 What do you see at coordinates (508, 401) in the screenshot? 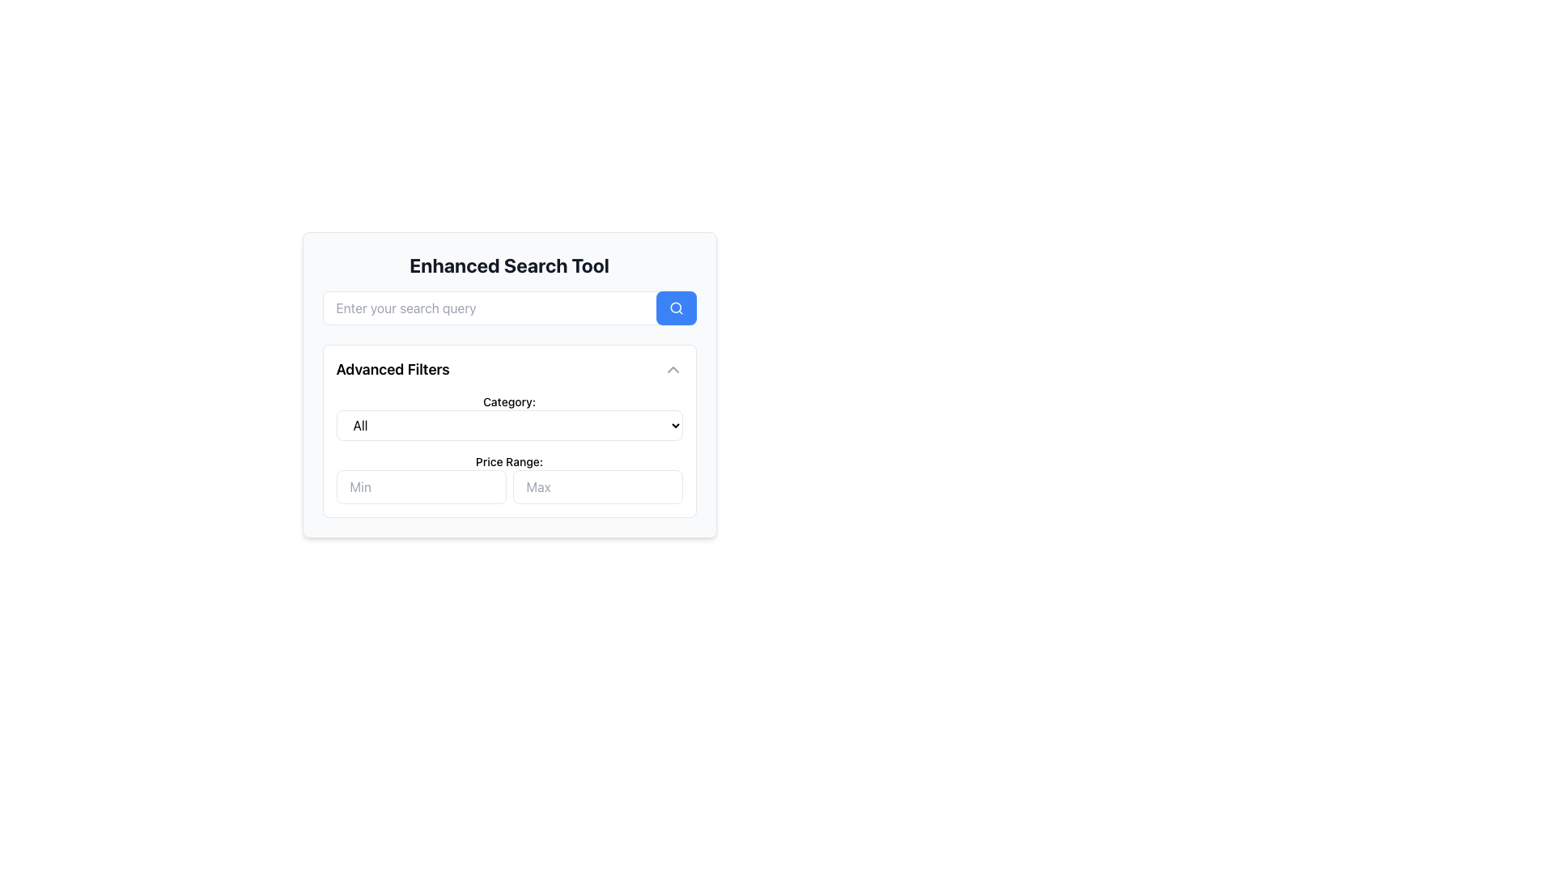
I see `the text label 'Category:' that is positioned above the dropdown menu labeled 'All' in the 'Advanced Filters' section` at bounding box center [508, 401].